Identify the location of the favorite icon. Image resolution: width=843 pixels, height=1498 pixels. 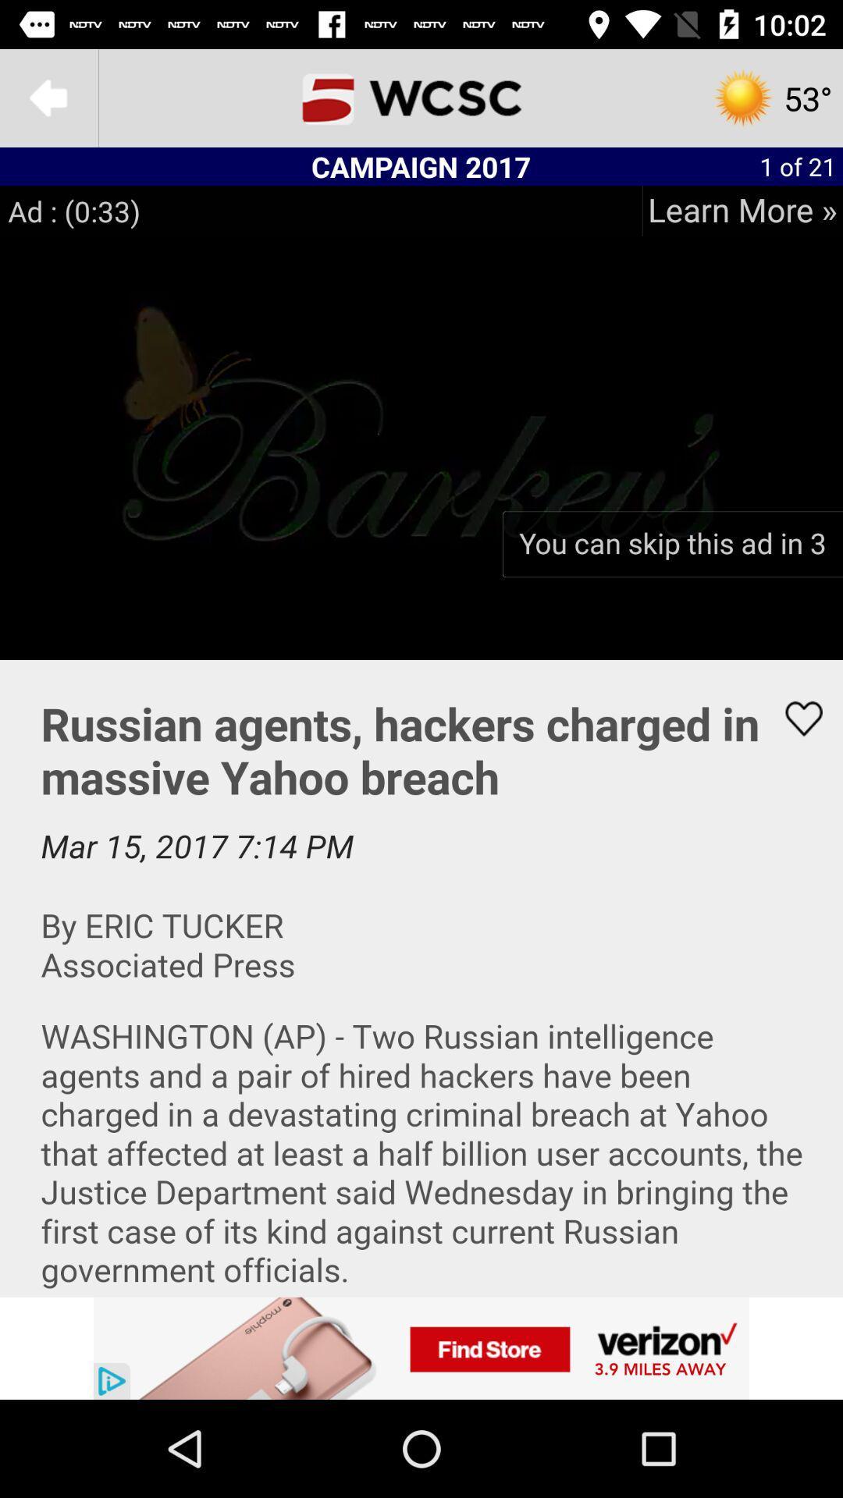
(794, 718).